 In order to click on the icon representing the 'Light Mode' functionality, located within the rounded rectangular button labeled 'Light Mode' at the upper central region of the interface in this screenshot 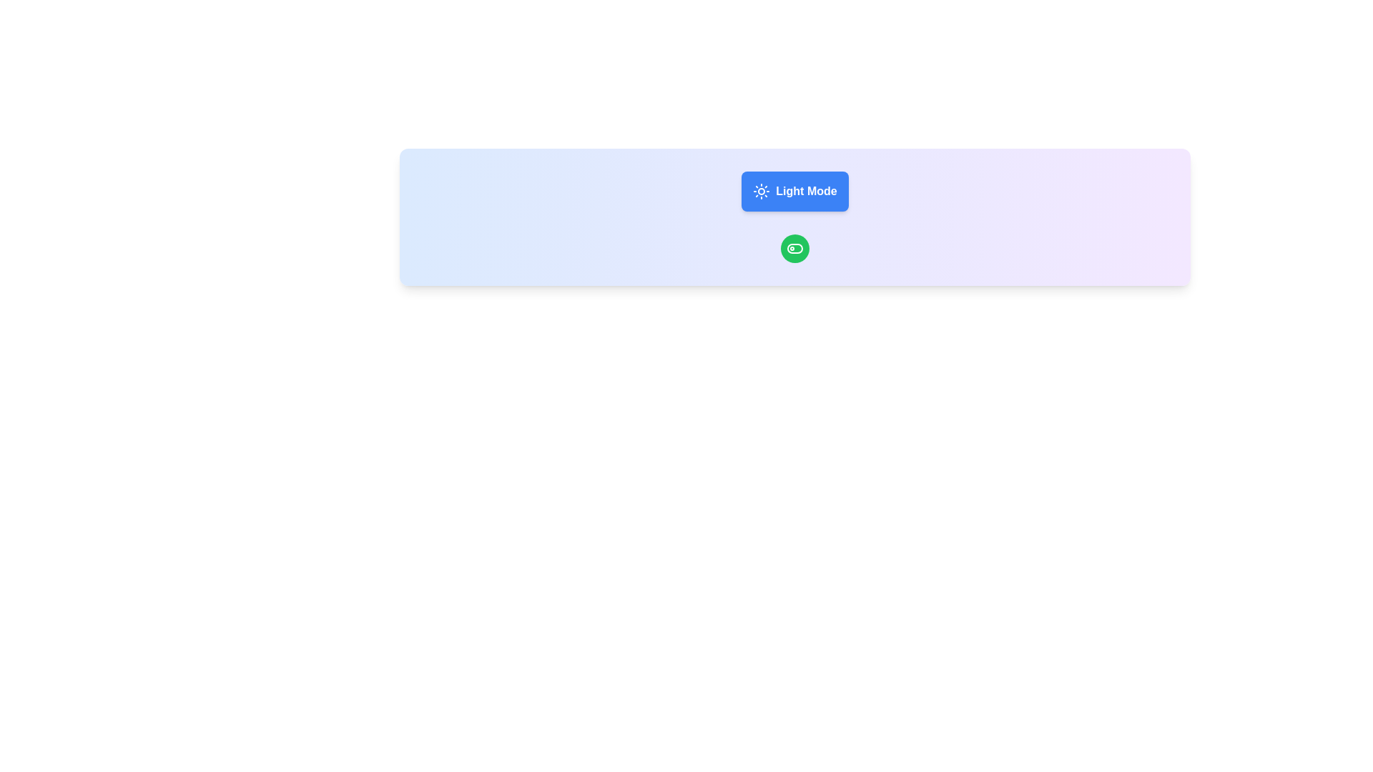, I will do `click(761, 190)`.